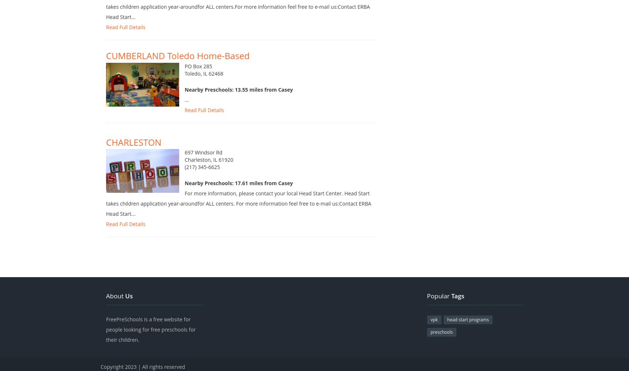  What do you see at coordinates (151, 337) in the screenshot?
I see `'FreePreSchools is a free website for people looking for free preschools for their children.'` at bounding box center [151, 337].